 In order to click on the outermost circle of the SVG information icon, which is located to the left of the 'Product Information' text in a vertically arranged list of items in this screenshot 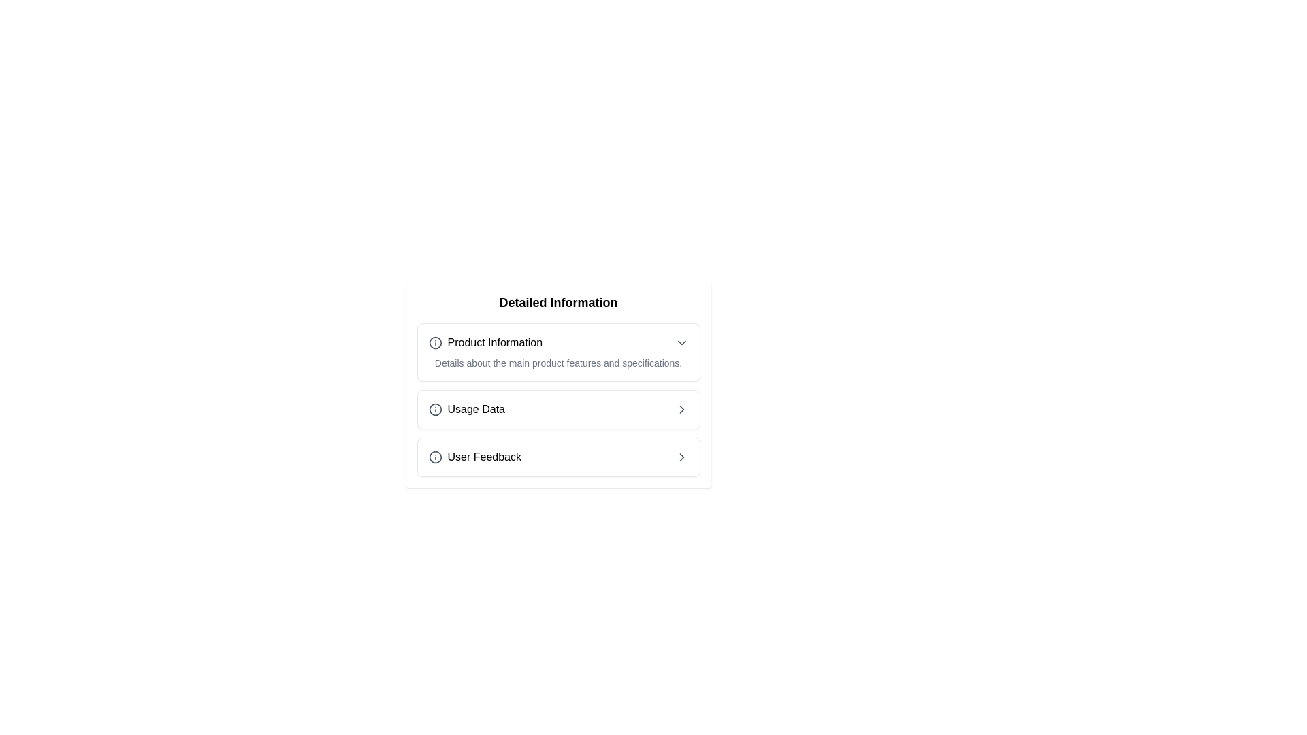, I will do `click(434, 457)`.